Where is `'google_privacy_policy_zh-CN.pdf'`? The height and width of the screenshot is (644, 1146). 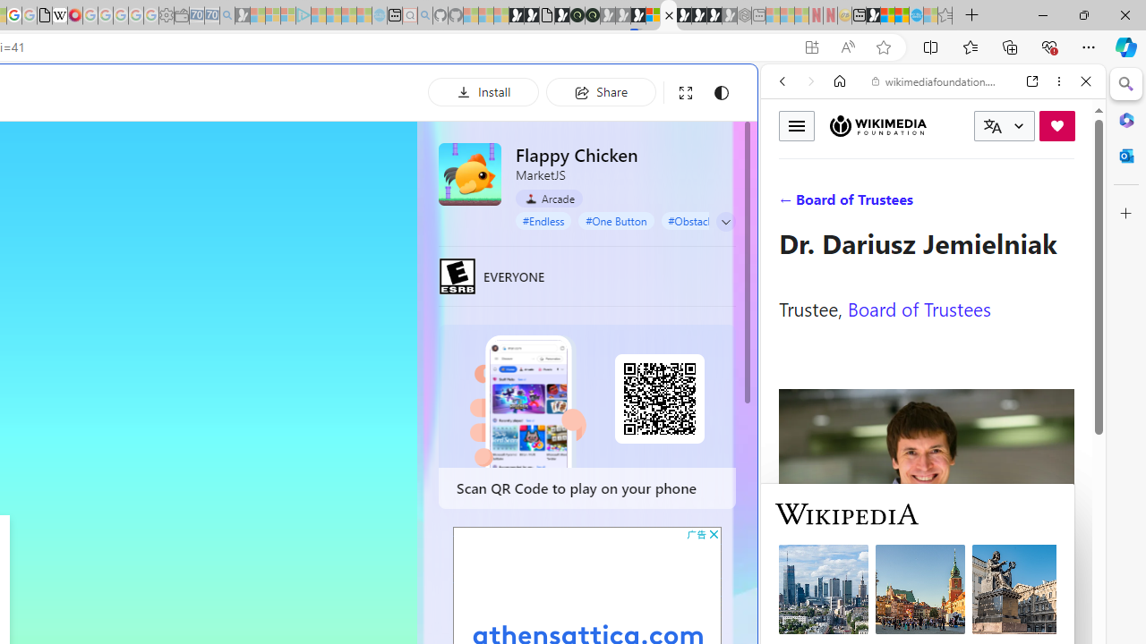 'google_privacy_policy_zh-CN.pdf' is located at coordinates (44, 15).